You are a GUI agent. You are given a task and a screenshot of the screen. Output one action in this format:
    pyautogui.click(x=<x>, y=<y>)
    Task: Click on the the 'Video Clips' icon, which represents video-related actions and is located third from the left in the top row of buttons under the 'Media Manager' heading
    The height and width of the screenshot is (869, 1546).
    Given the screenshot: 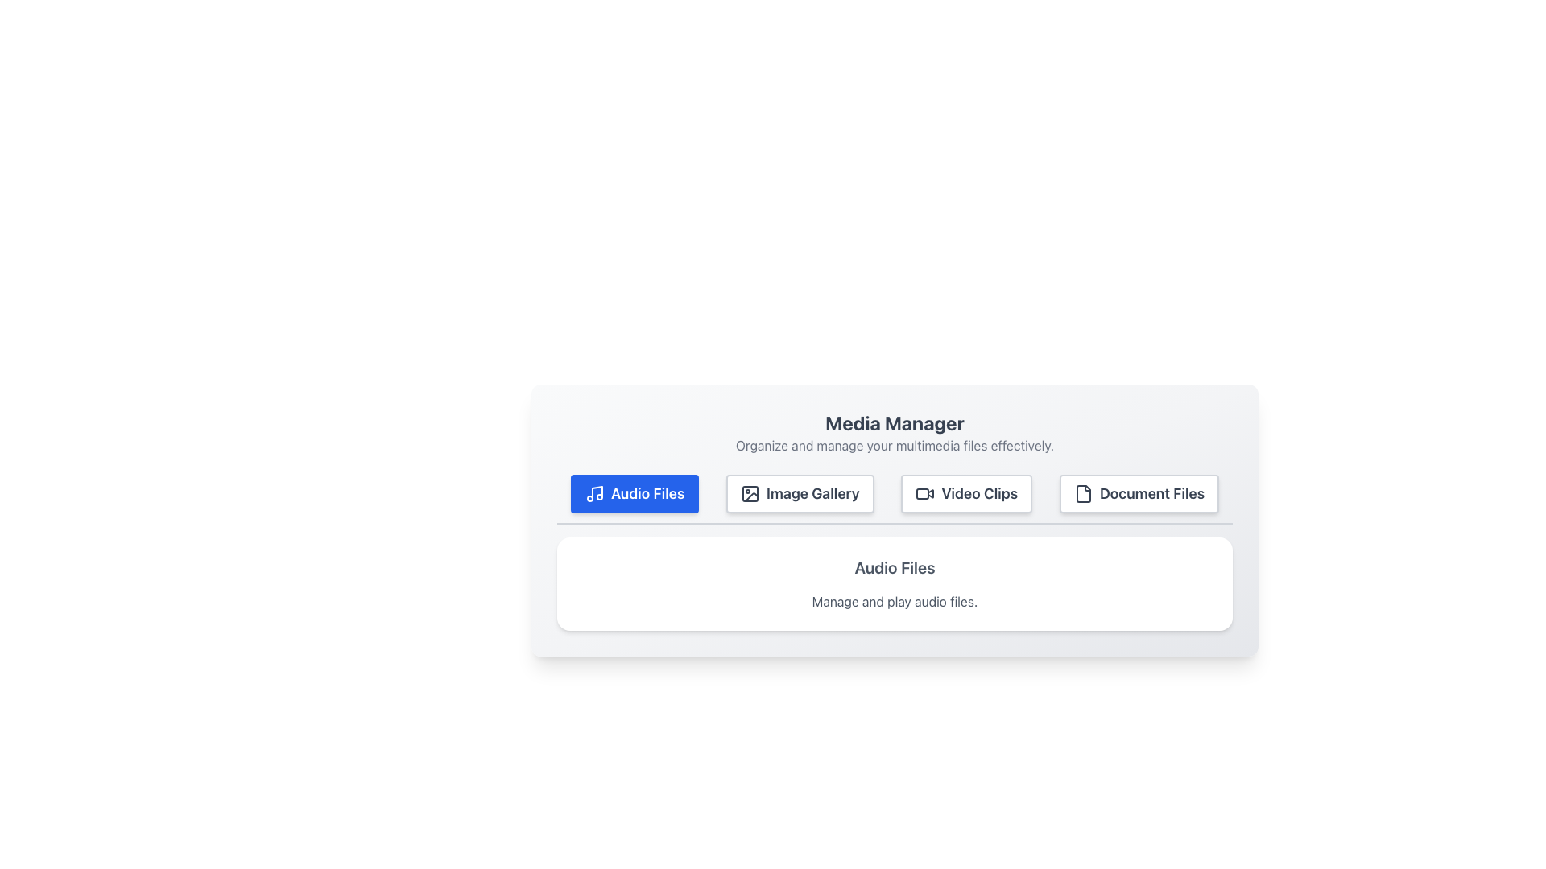 What is the action you would take?
    pyautogui.click(x=925, y=492)
    